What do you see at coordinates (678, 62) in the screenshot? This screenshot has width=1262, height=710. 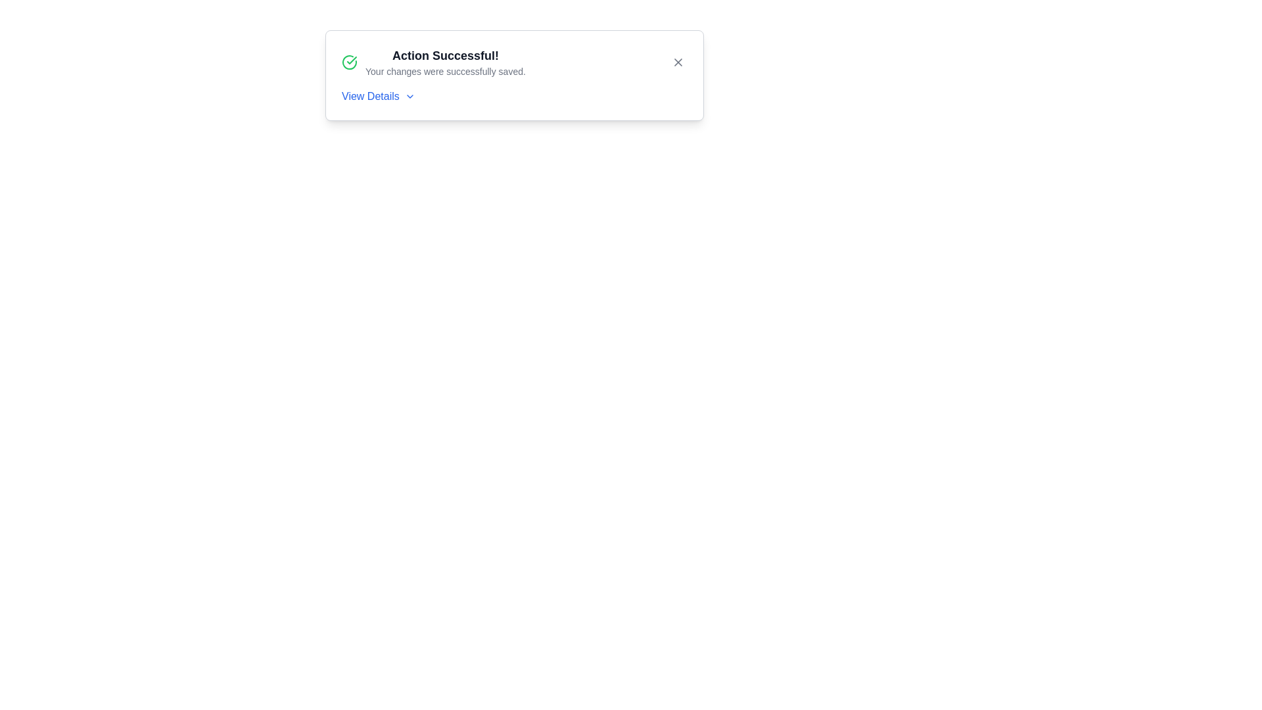 I see `the X button to close the alert` at bounding box center [678, 62].